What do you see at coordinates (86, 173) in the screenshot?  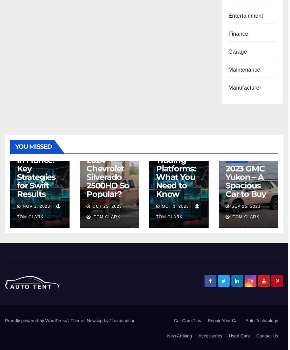 I see `'Why is the 2024 Chevrolet Silverado 2500HD So Popular?'` at bounding box center [86, 173].